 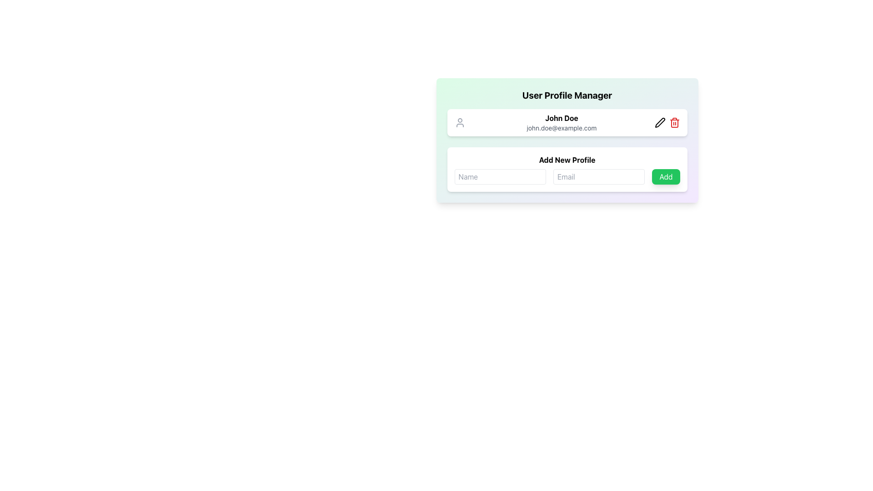 What do you see at coordinates (561, 123) in the screenshot?
I see `displayed name and email address of the user in the upper central area of the profile manager interface, which is part of the user profile display card located to the right of the user icon` at bounding box center [561, 123].